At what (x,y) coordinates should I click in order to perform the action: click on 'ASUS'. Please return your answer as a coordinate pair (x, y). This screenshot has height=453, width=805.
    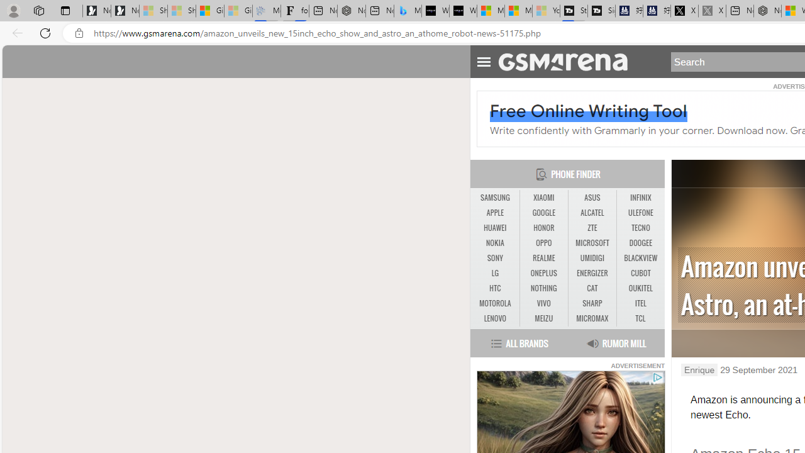
    Looking at the image, I should click on (592, 198).